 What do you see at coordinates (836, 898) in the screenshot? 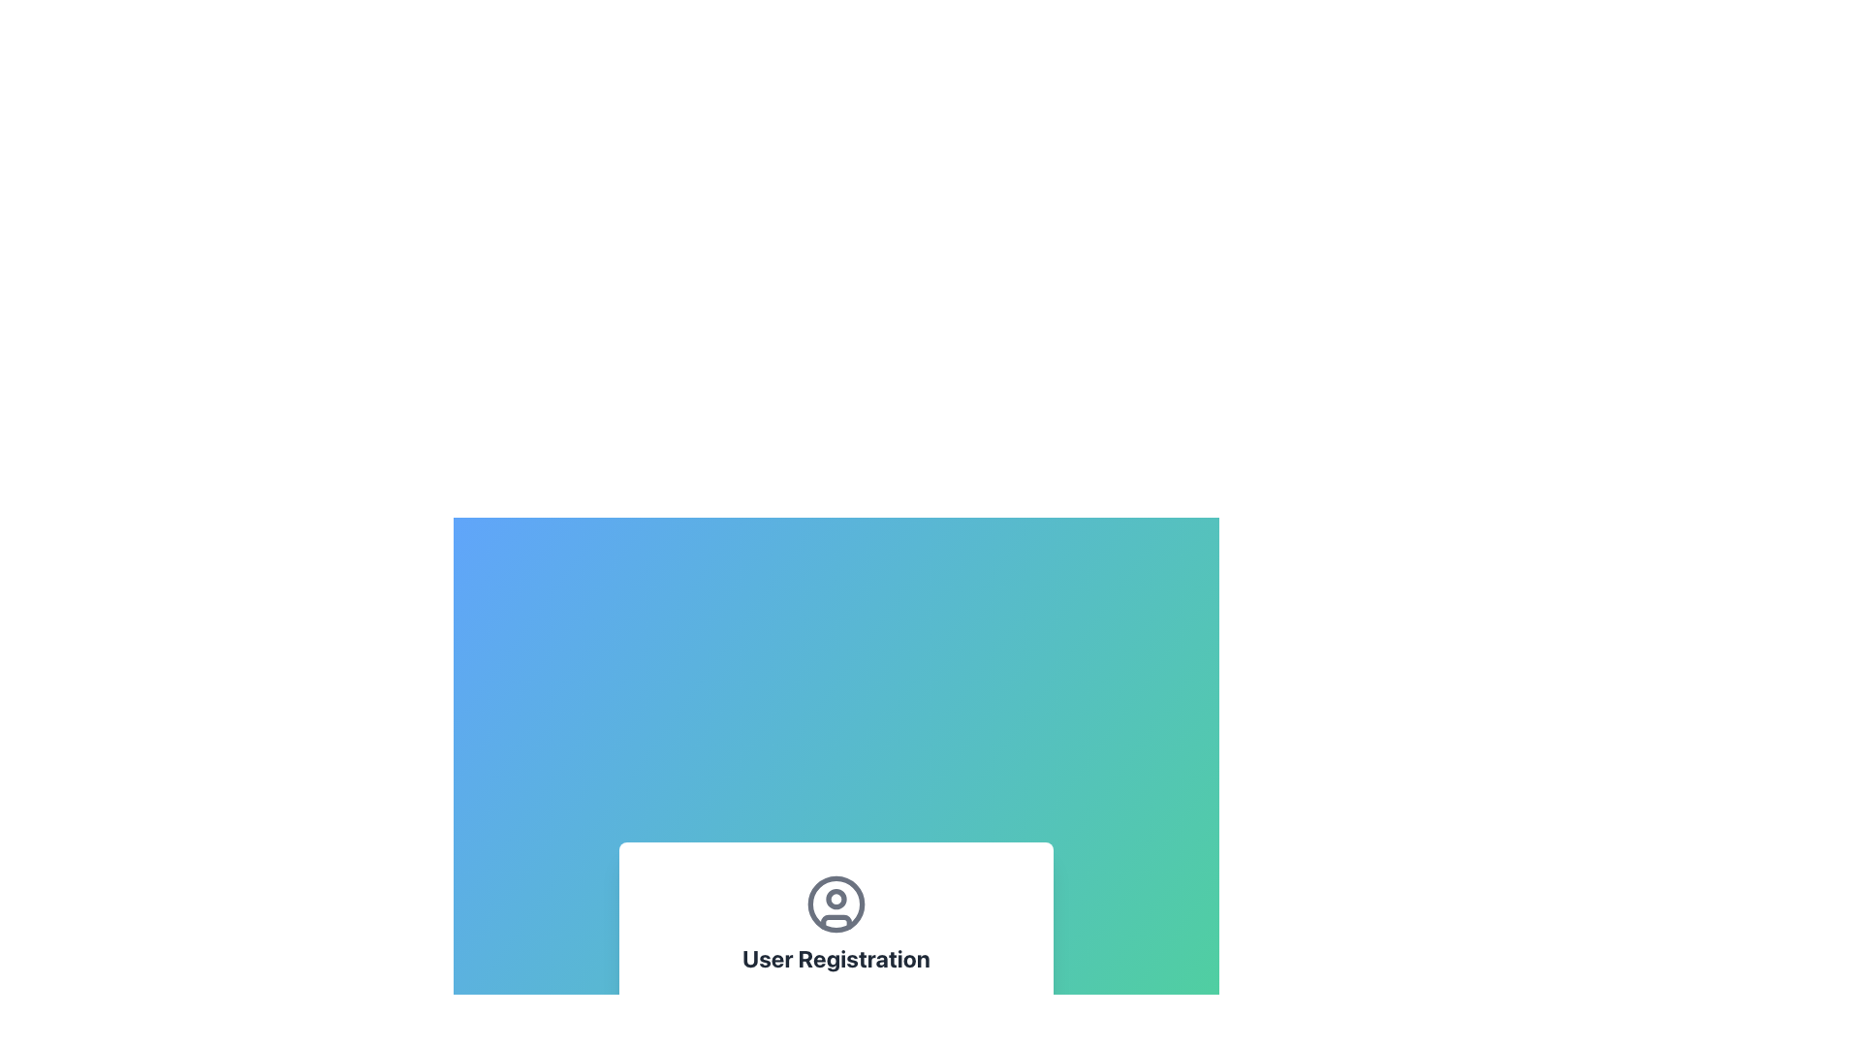
I see `the small circular SVG element that represents the inner detail of a user icon, positioned centrally within a larger outer circle` at bounding box center [836, 898].